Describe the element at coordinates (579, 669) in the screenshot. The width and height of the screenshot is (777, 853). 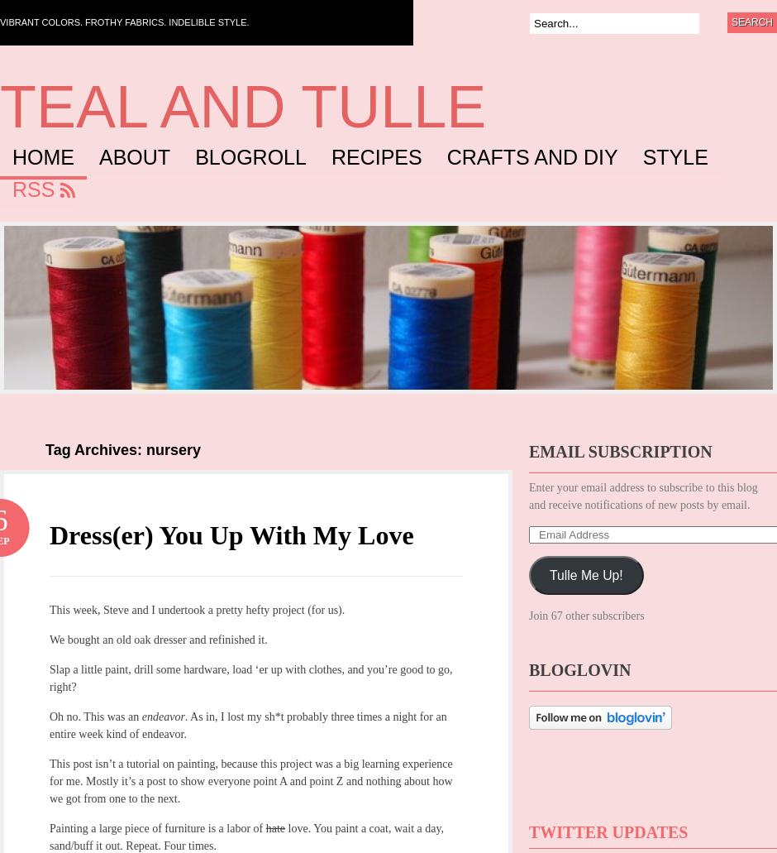
I see `'BlogLovin'` at that location.